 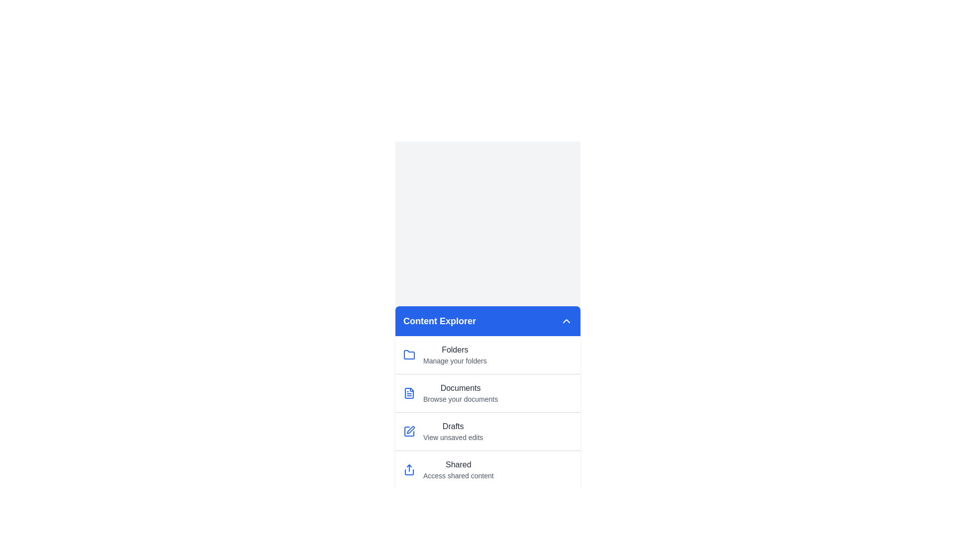 I want to click on the menu item corresponding to Drafts, so click(x=487, y=431).